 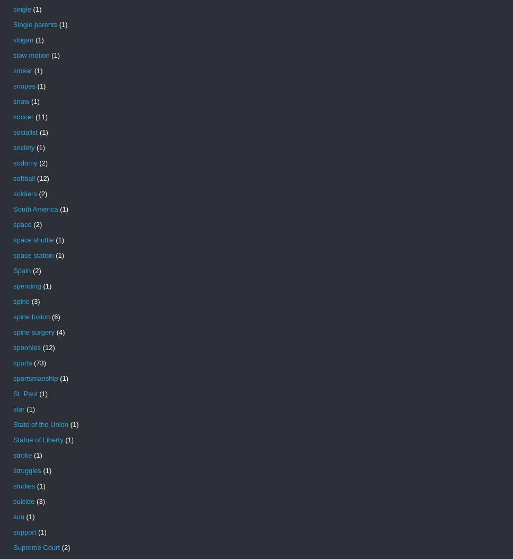 I want to click on 'society', so click(x=13, y=147).